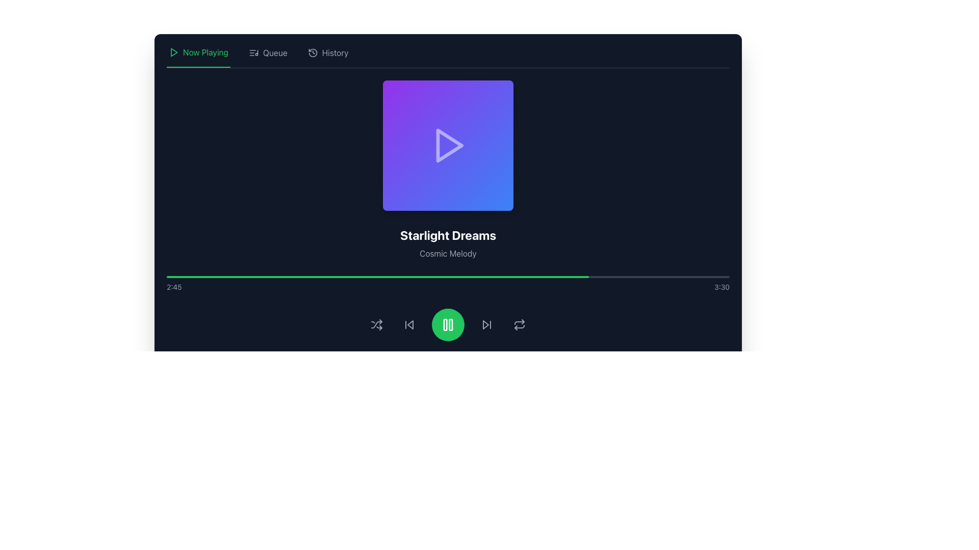 Image resolution: width=979 pixels, height=550 pixels. Describe the element at coordinates (364, 277) in the screenshot. I see `the progress bar` at that location.